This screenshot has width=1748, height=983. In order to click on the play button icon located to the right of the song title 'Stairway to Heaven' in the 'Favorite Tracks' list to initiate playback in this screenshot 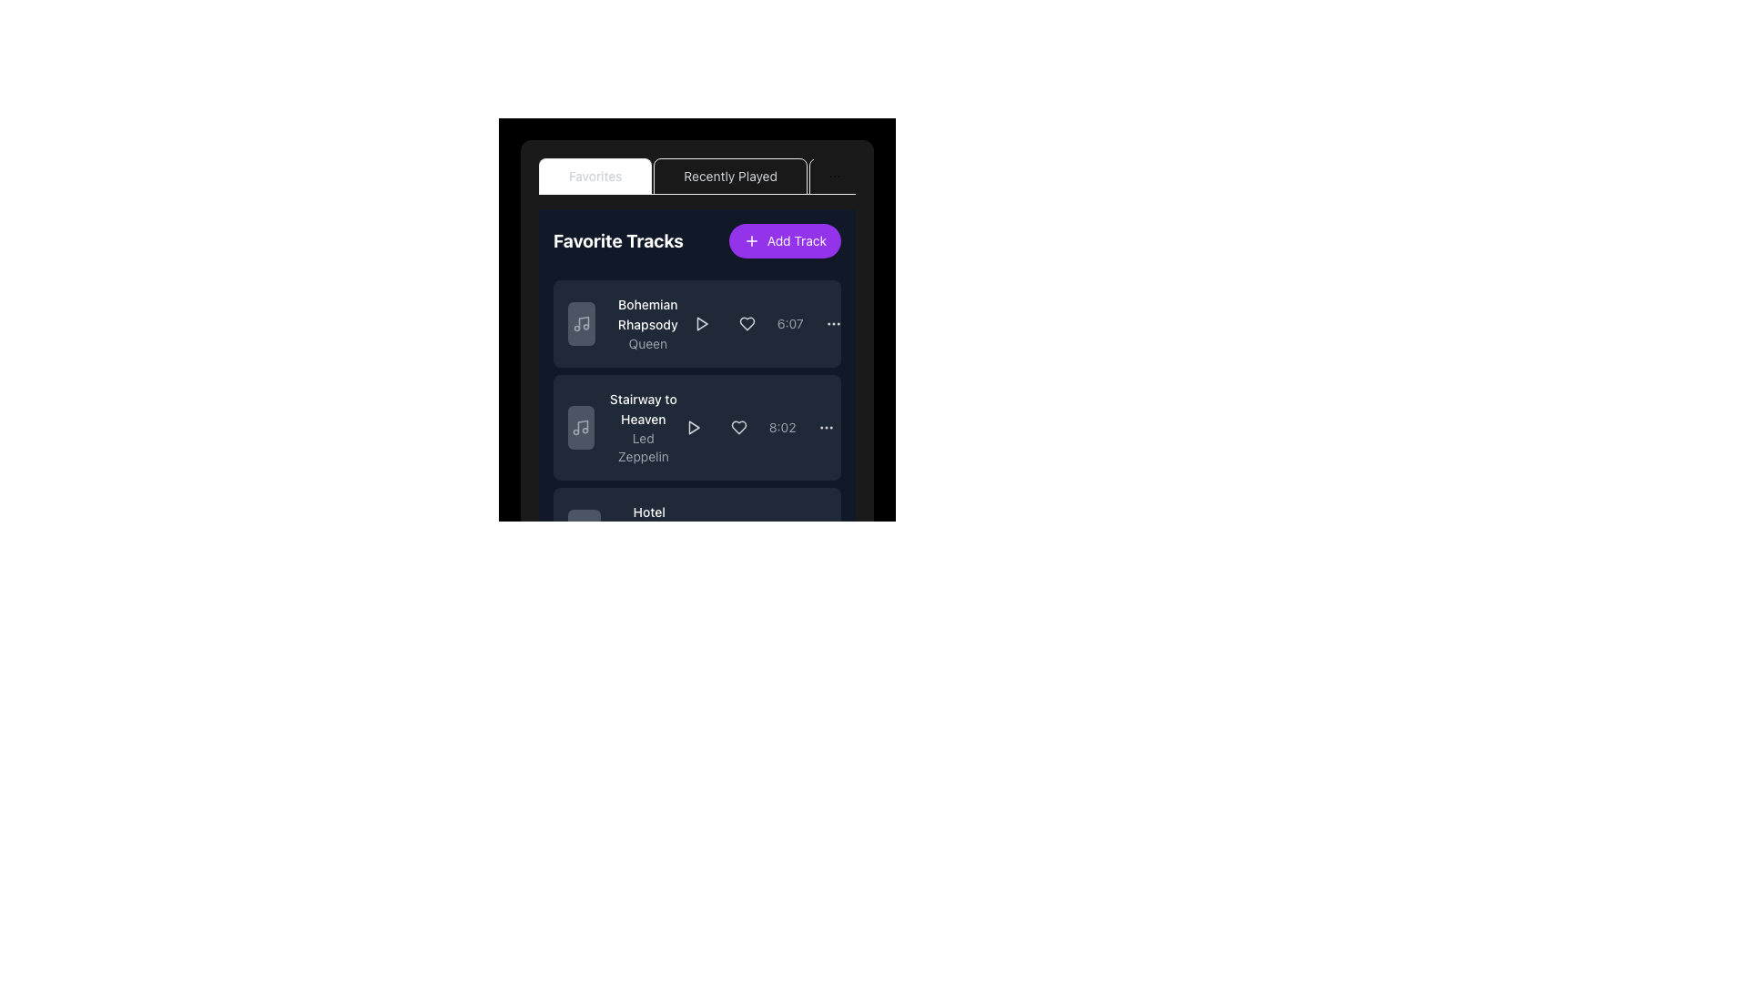, I will do `click(692, 428)`.